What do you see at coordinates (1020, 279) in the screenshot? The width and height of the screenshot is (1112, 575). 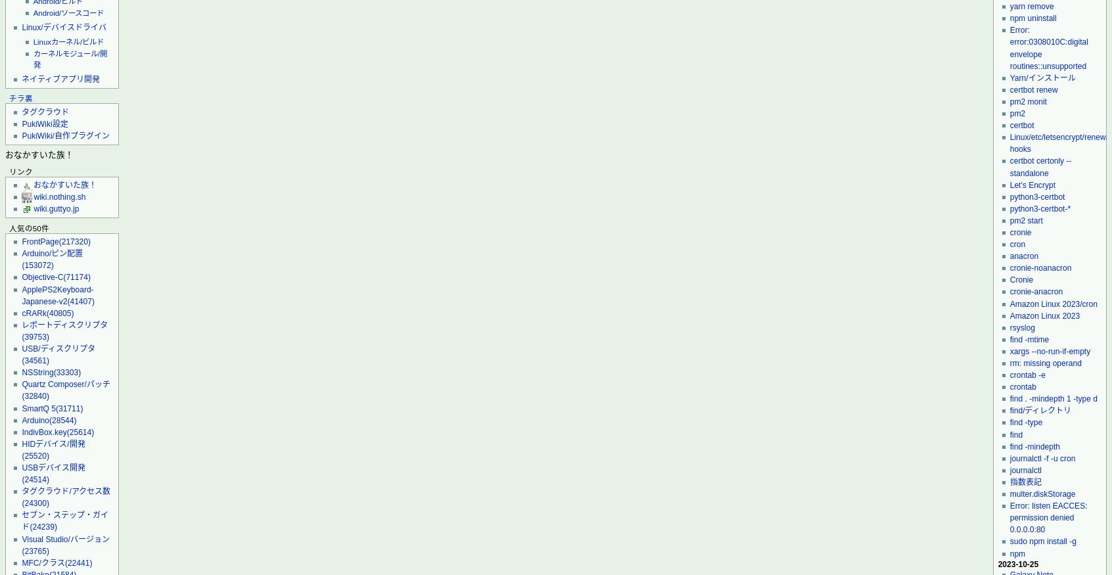 I see `'Cronie'` at bounding box center [1020, 279].